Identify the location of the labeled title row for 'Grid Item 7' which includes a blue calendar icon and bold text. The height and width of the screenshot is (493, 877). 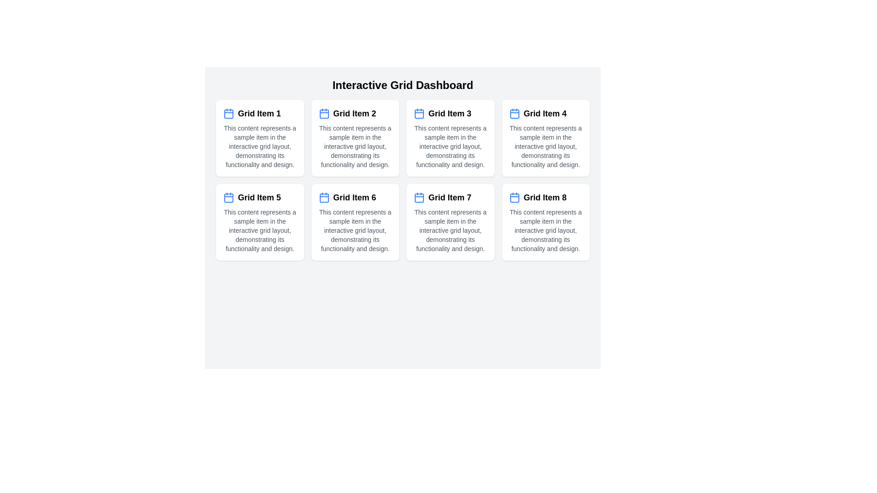
(450, 197).